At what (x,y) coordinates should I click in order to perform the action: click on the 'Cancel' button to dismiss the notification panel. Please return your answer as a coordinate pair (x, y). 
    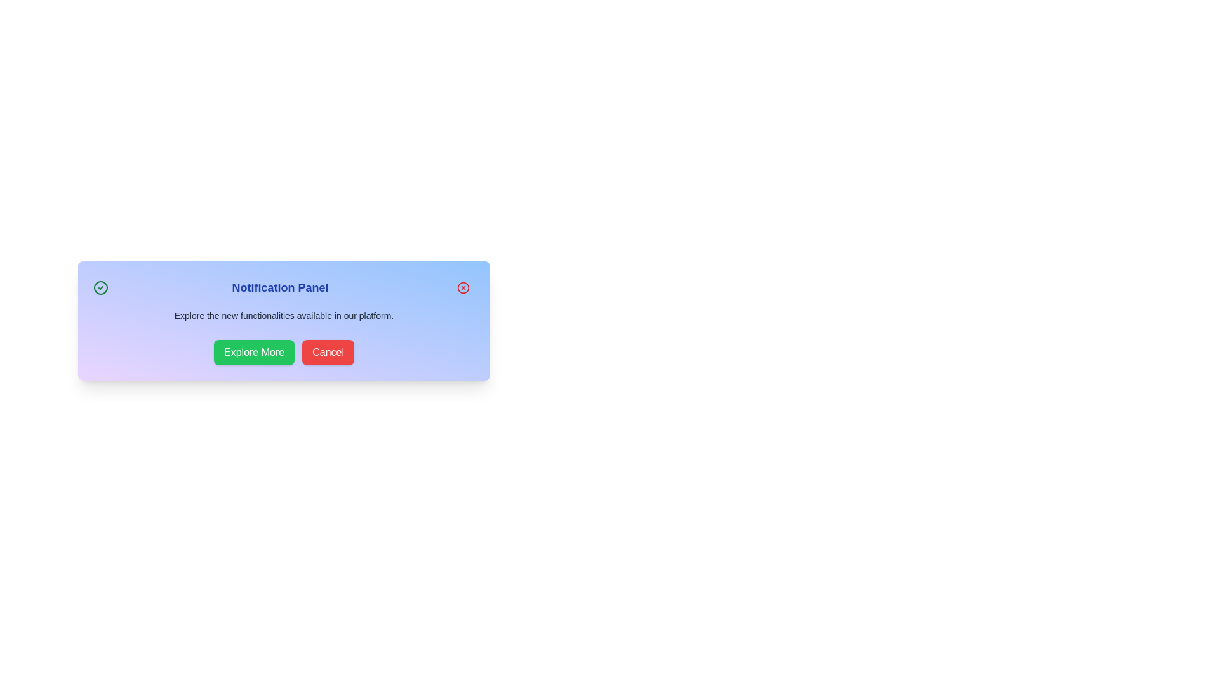
    Looking at the image, I should click on (328, 352).